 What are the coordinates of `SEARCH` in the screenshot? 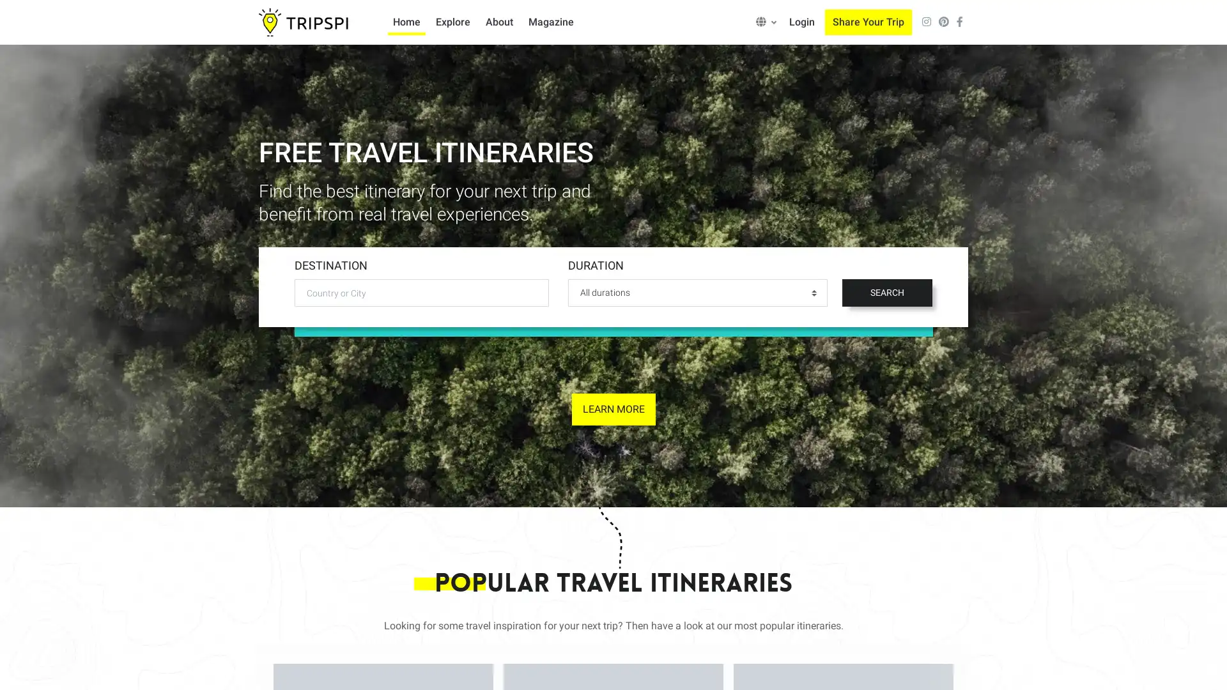 It's located at (886, 293).